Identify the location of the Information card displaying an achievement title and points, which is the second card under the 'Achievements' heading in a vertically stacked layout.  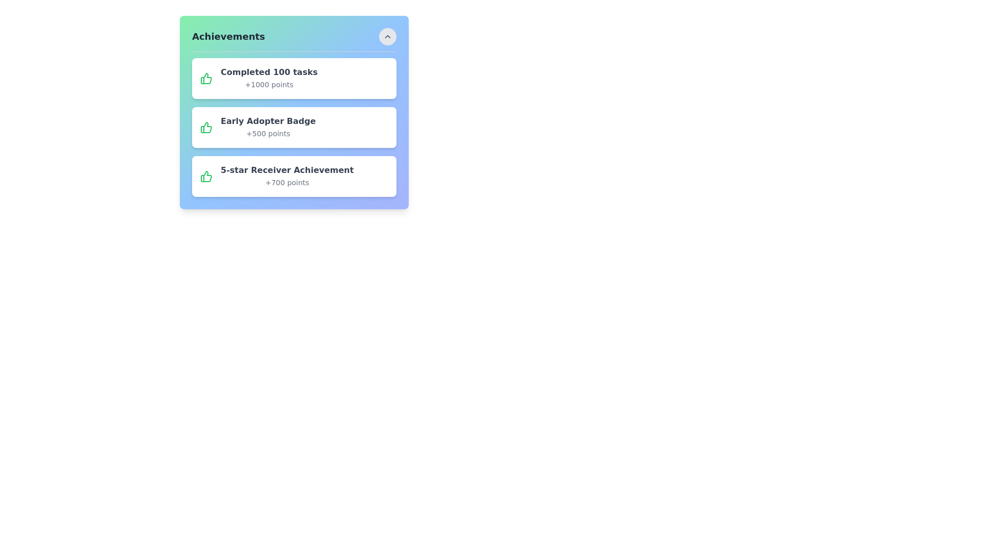
(294, 112).